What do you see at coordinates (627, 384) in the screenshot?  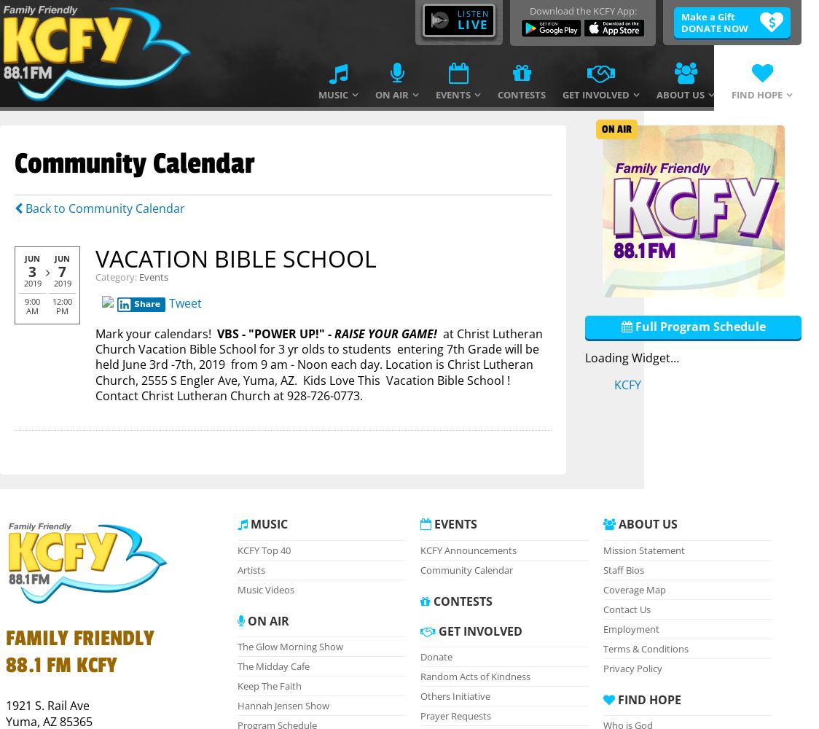 I see `'KCFY'` at bounding box center [627, 384].